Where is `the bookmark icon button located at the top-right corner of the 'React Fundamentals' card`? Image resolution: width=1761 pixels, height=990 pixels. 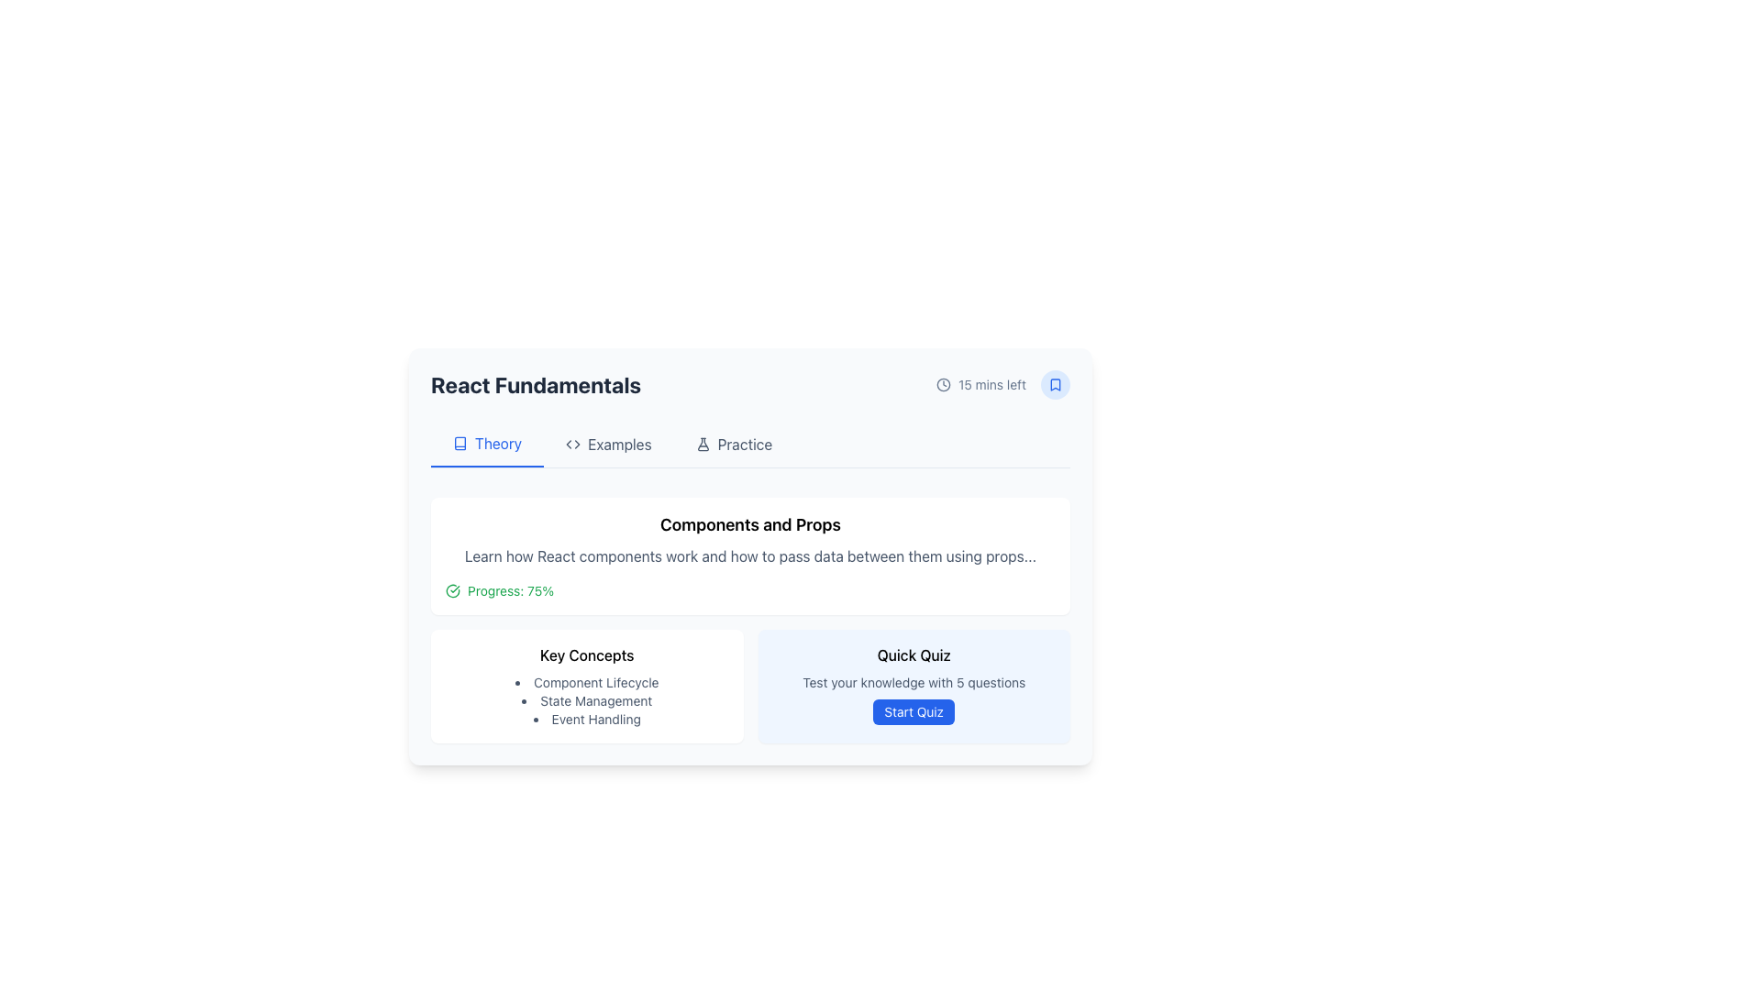
the bookmark icon button located at the top-right corner of the 'React Fundamentals' card is located at coordinates (1056, 384).